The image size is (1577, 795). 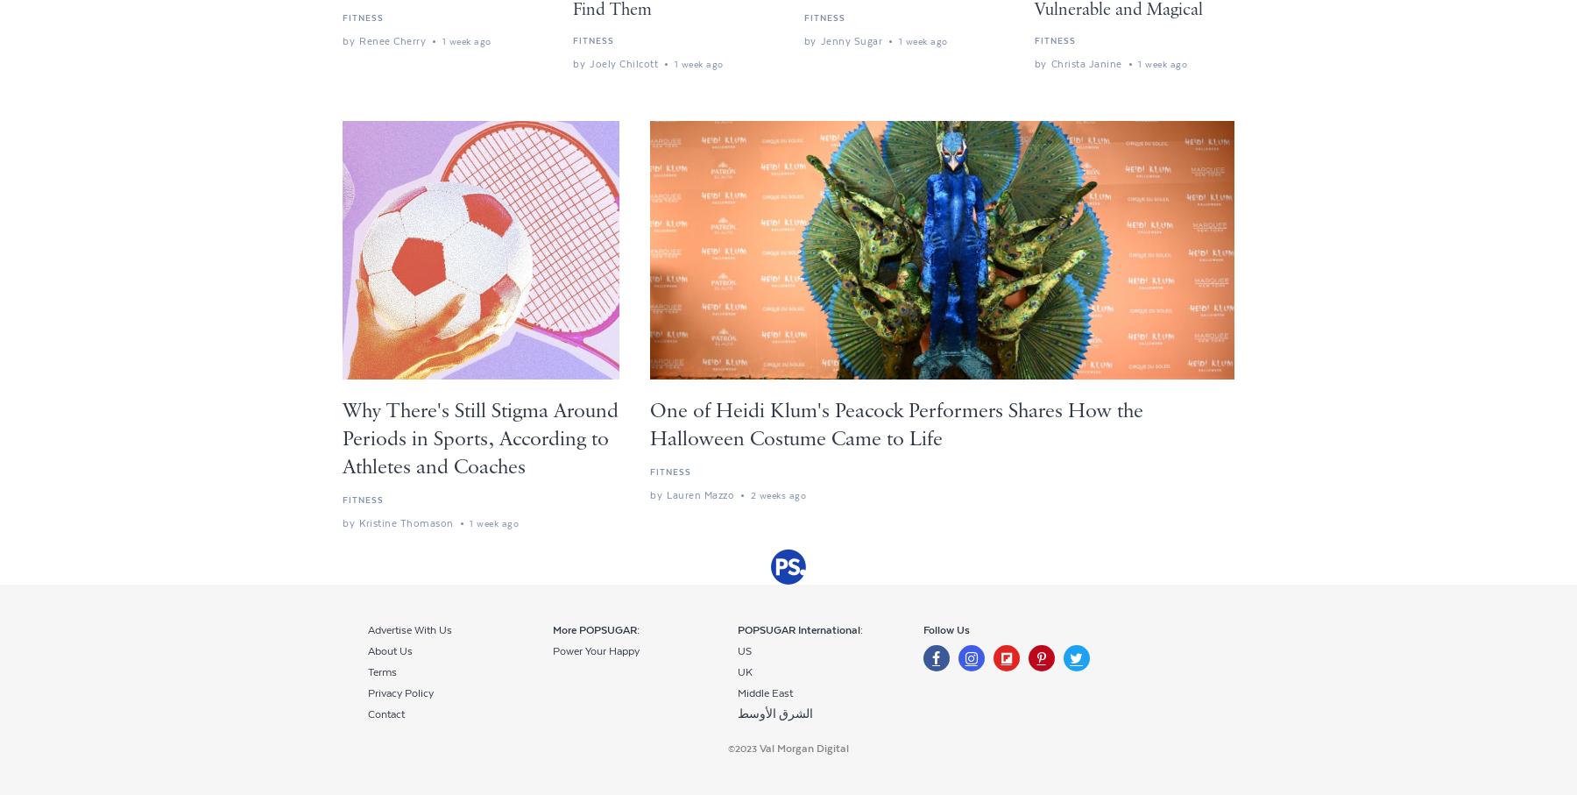 I want to click on 'Middle East', so click(x=765, y=692).